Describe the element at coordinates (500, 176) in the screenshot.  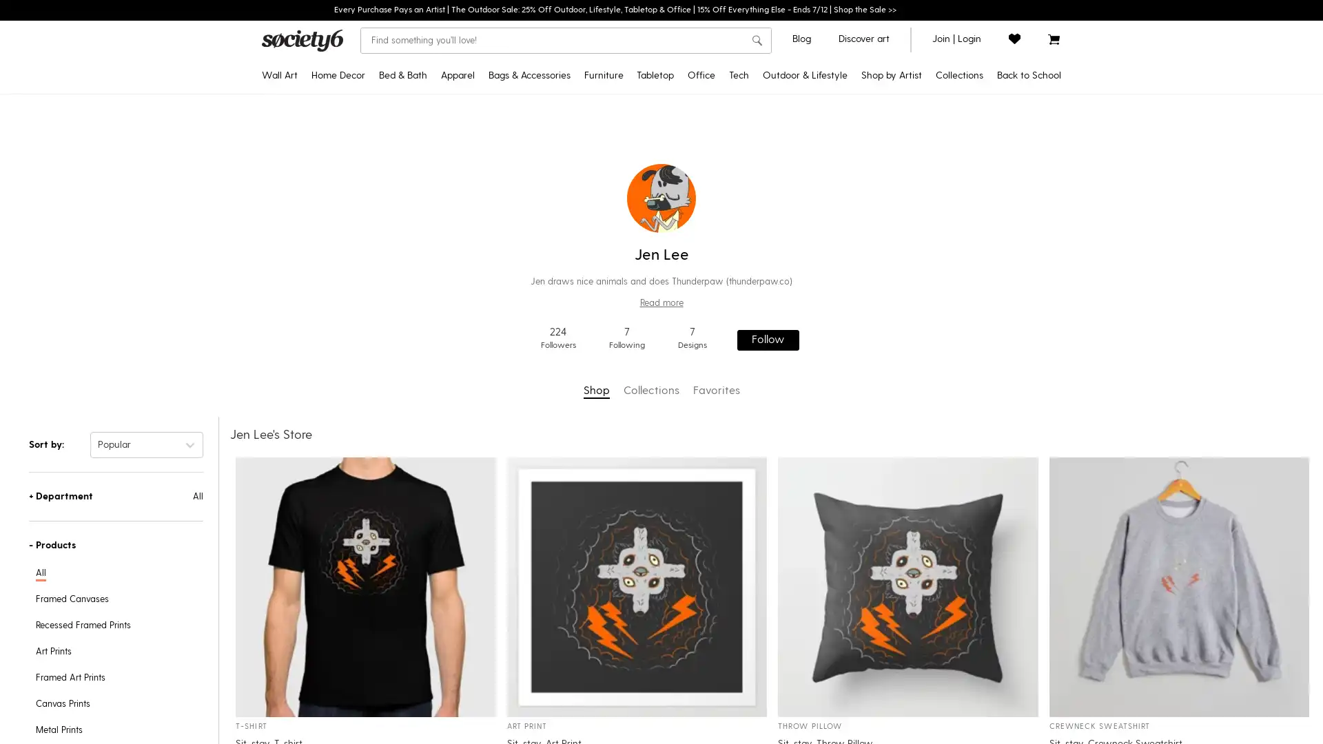
I see `Long Sleeve T-Shirts` at that location.